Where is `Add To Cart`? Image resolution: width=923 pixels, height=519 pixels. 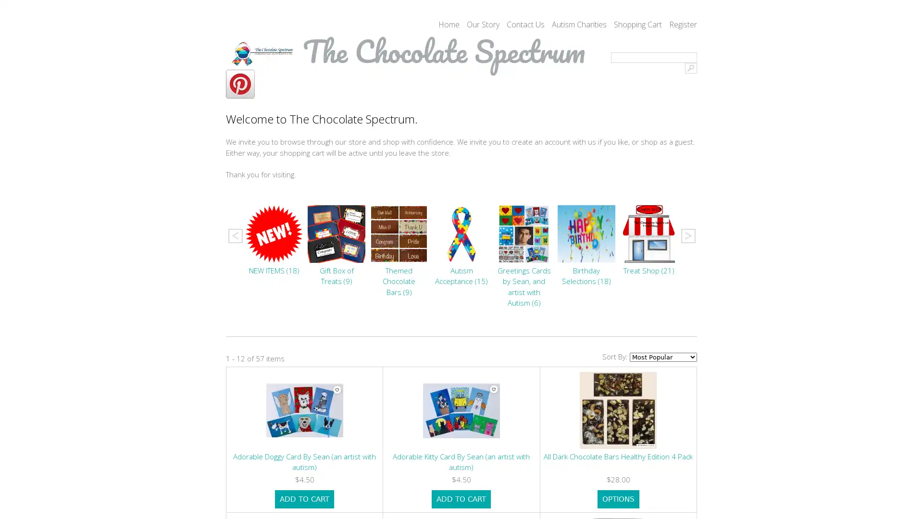 Add To Cart is located at coordinates (461, 498).